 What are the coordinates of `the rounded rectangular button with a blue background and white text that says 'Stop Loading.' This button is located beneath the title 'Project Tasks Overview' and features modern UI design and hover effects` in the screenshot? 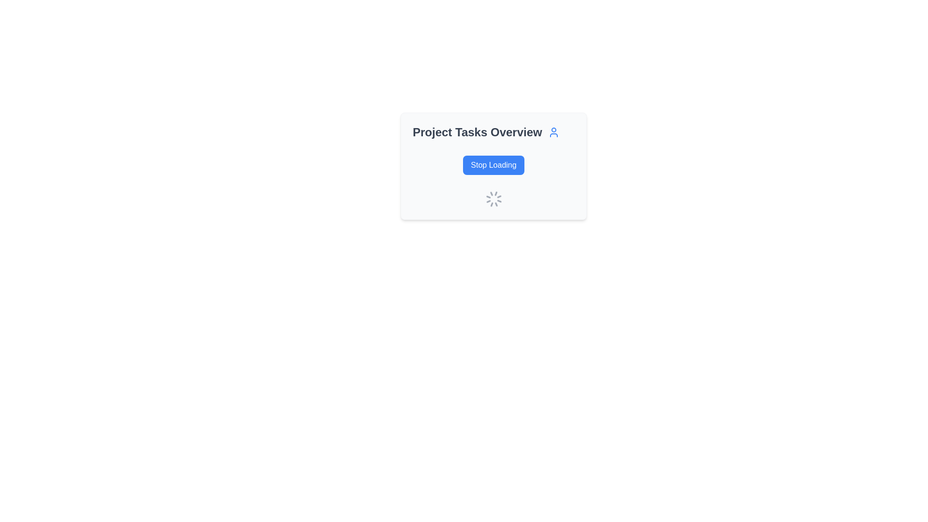 It's located at (493, 165).